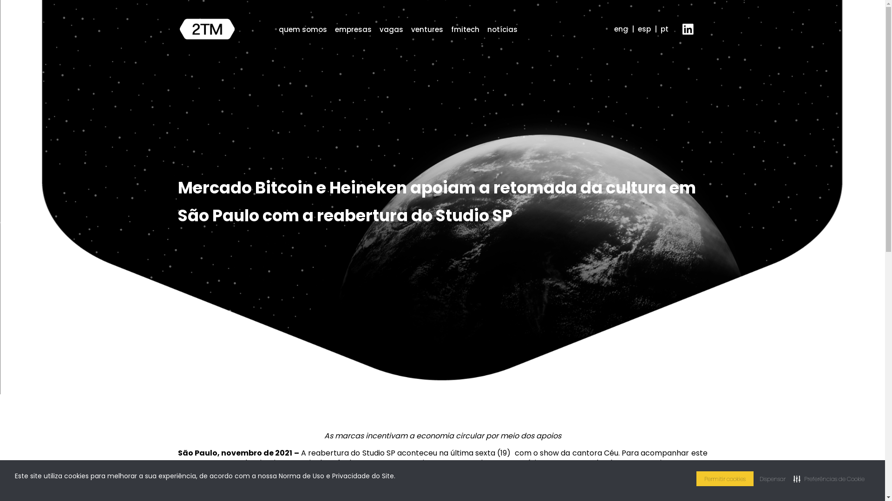  I want to click on 'fmitech', so click(465, 29).